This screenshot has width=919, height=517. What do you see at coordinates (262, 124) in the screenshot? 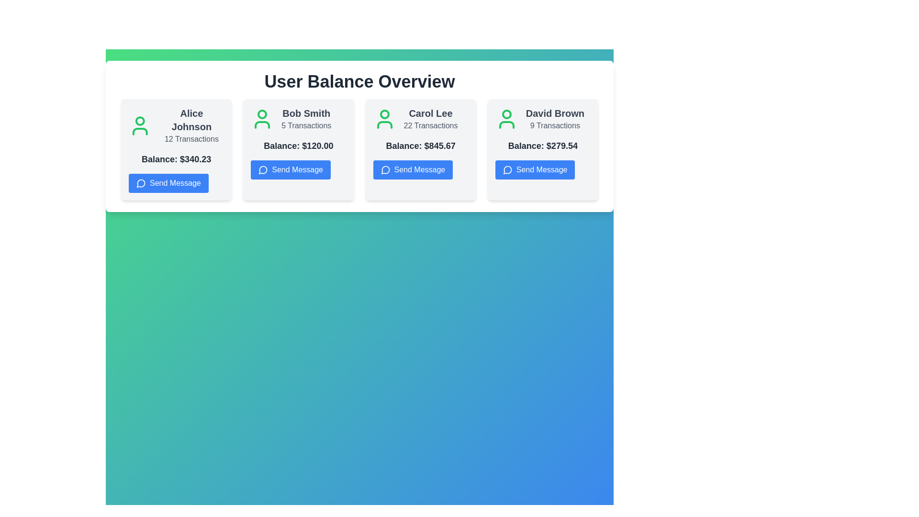
I see `the lower part of the green person icon, which is the curved bottom portion of the second user's avatar icon in the card grid layout` at bounding box center [262, 124].